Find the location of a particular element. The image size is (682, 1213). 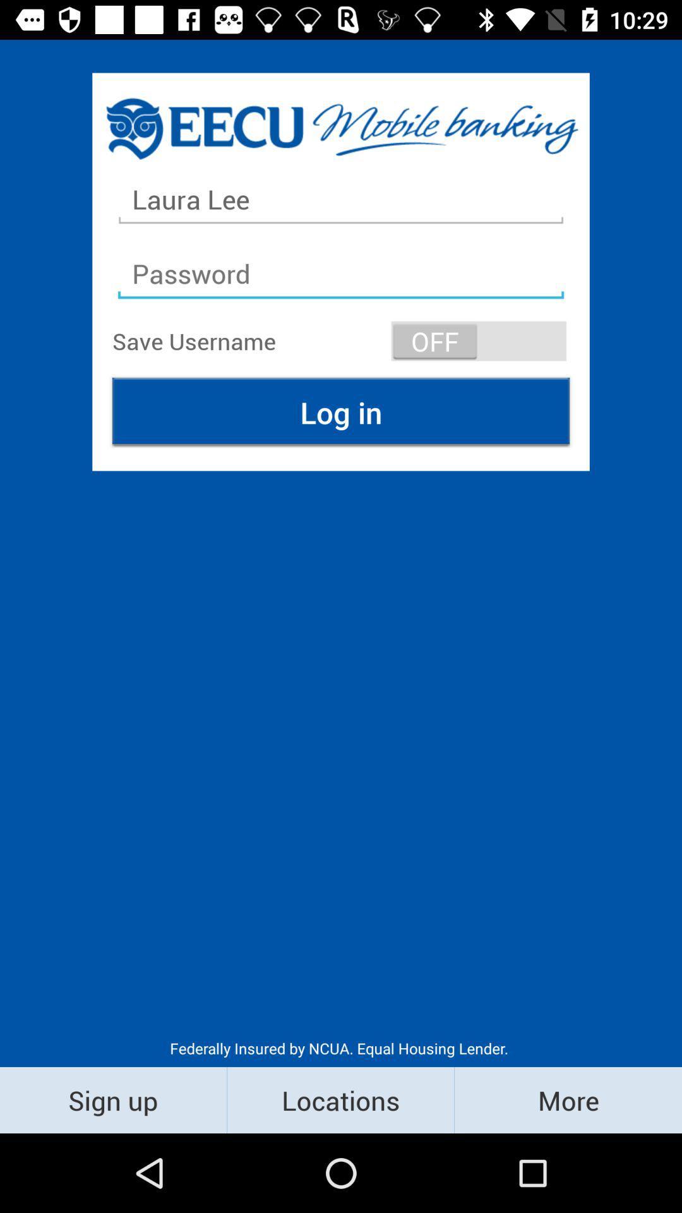

icon to the right of sign up icon is located at coordinates (340, 1099).